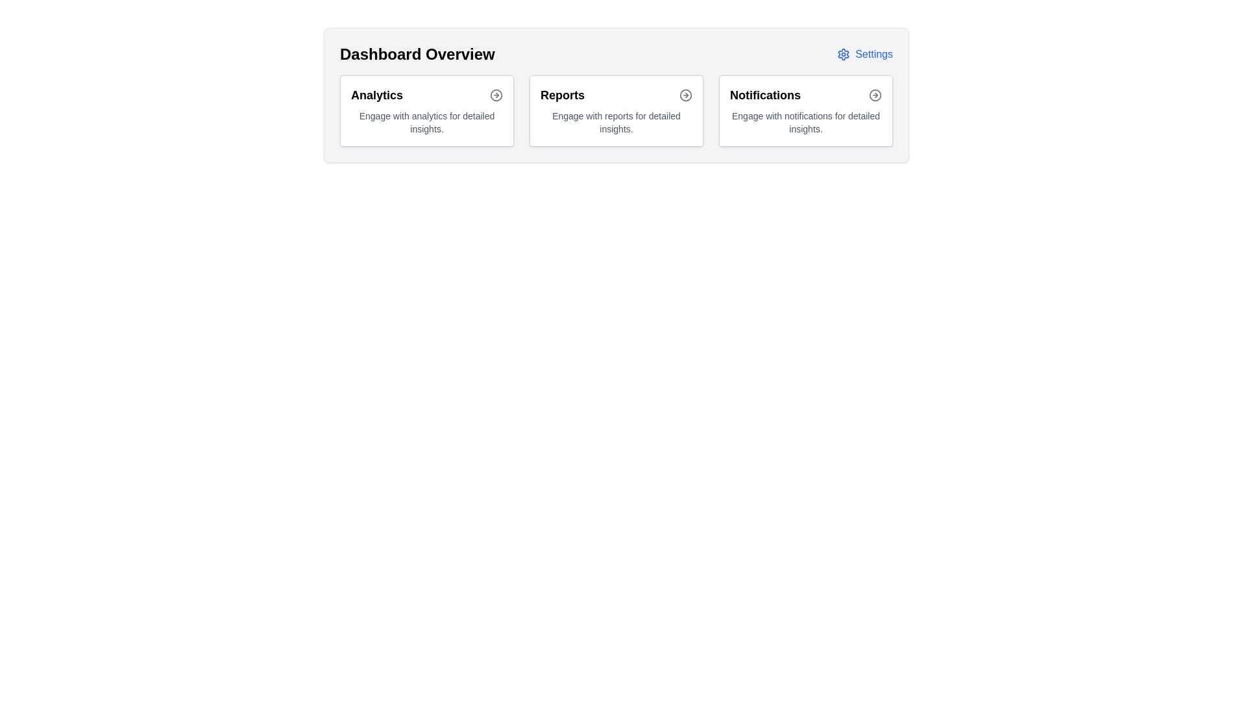  Describe the element at coordinates (426, 123) in the screenshot. I see `the descriptive text label providing additional information about the 'Analytics' section, located below the 'Analytics' heading and left of the right arrow icon` at that location.